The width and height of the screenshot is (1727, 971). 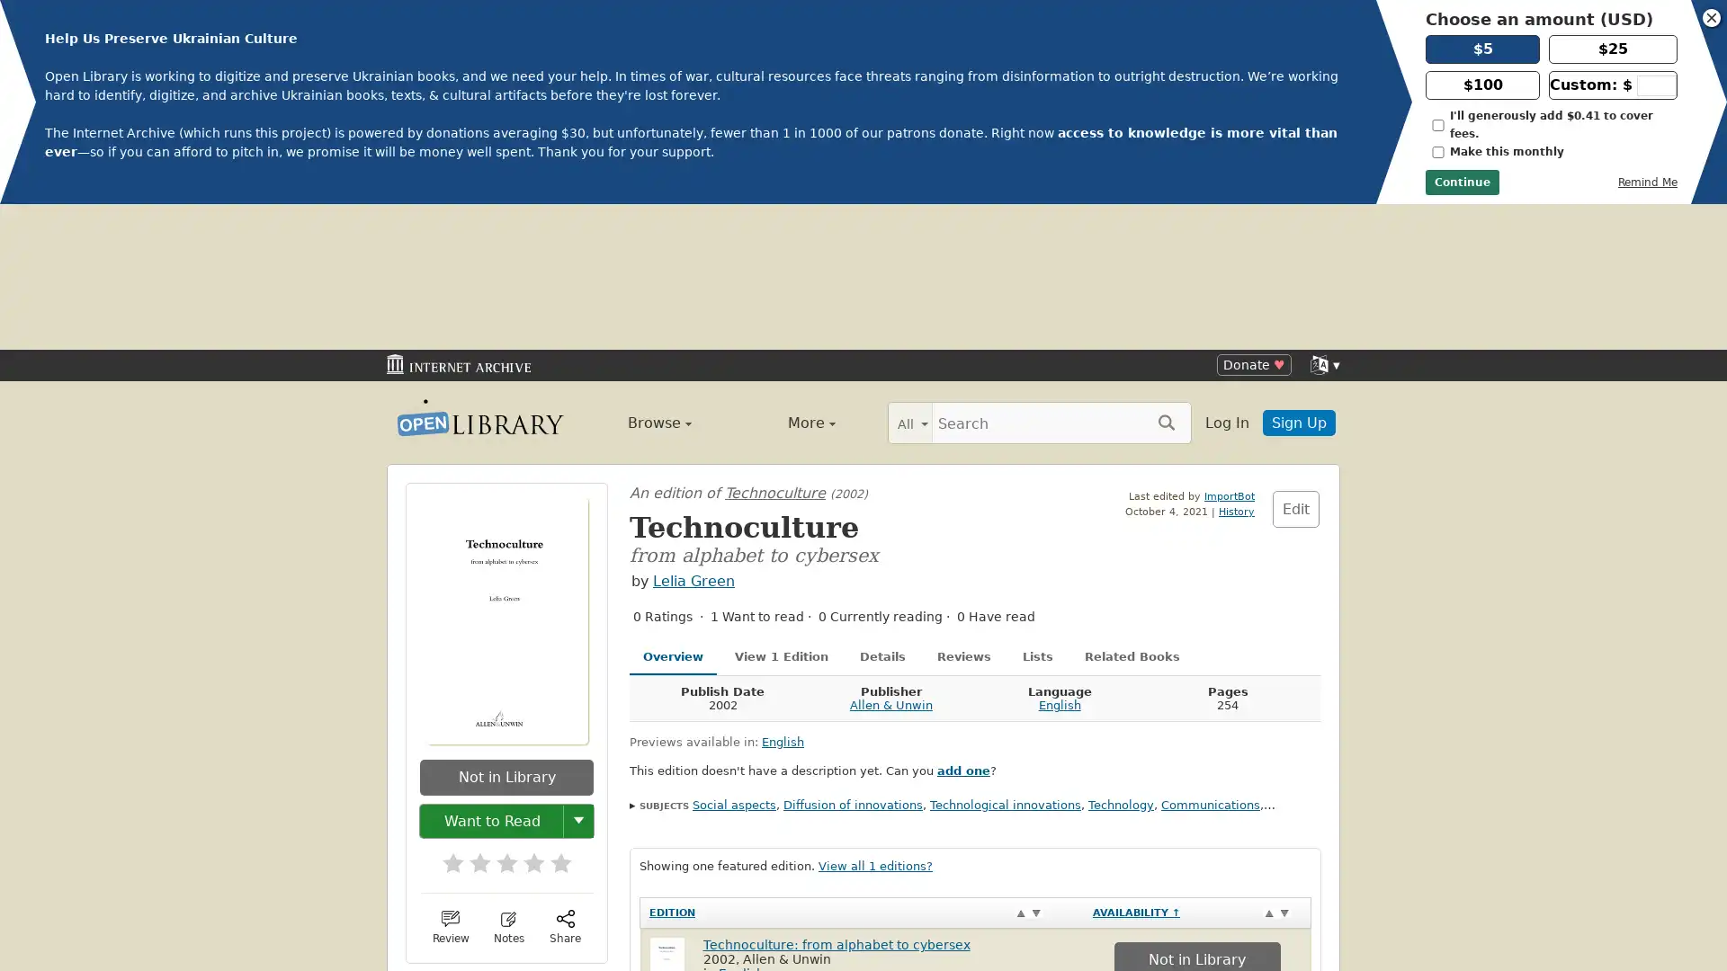 I want to click on 3, so click(x=497, y=710).